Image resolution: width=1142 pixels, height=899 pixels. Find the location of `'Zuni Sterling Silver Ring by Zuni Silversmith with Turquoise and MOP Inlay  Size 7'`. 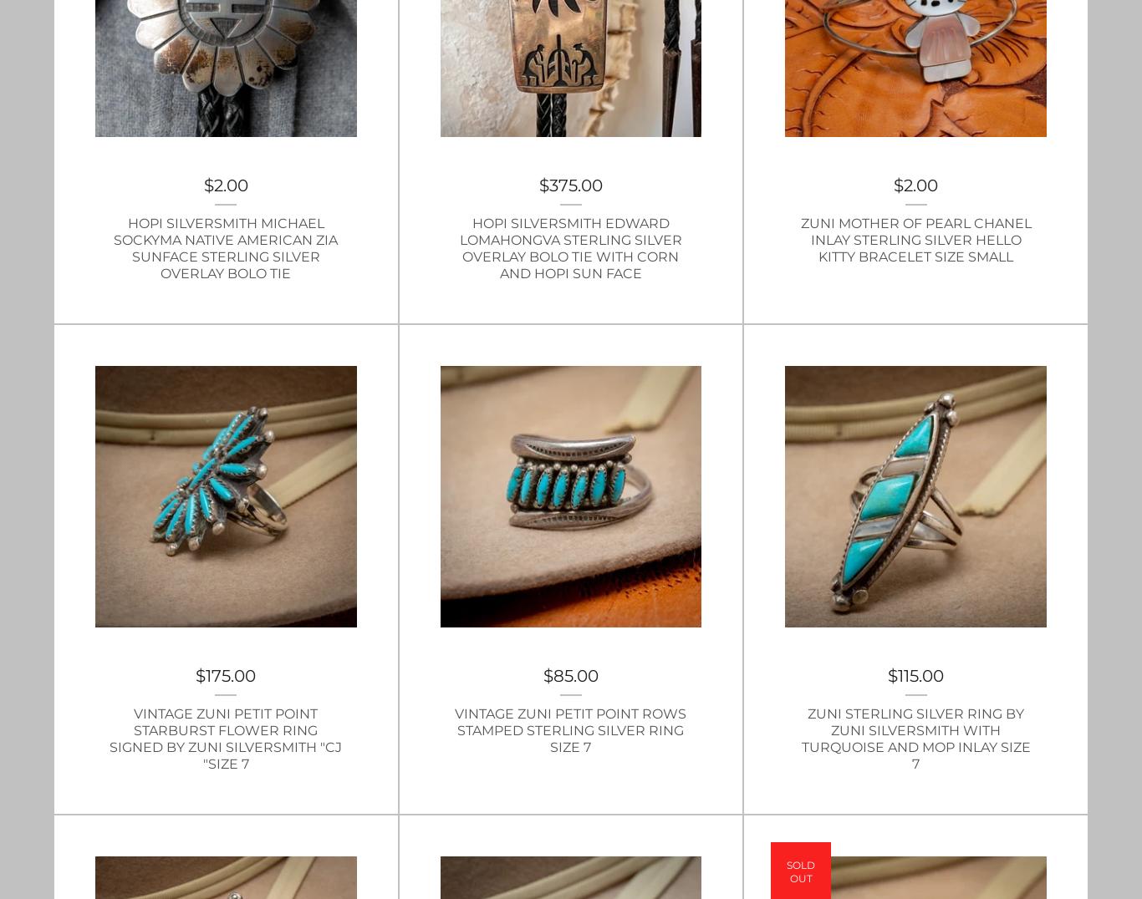

'Zuni Sterling Silver Ring by Zuni Silversmith with Turquoise and MOP Inlay  Size 7' is located at coordinates (914, 738).